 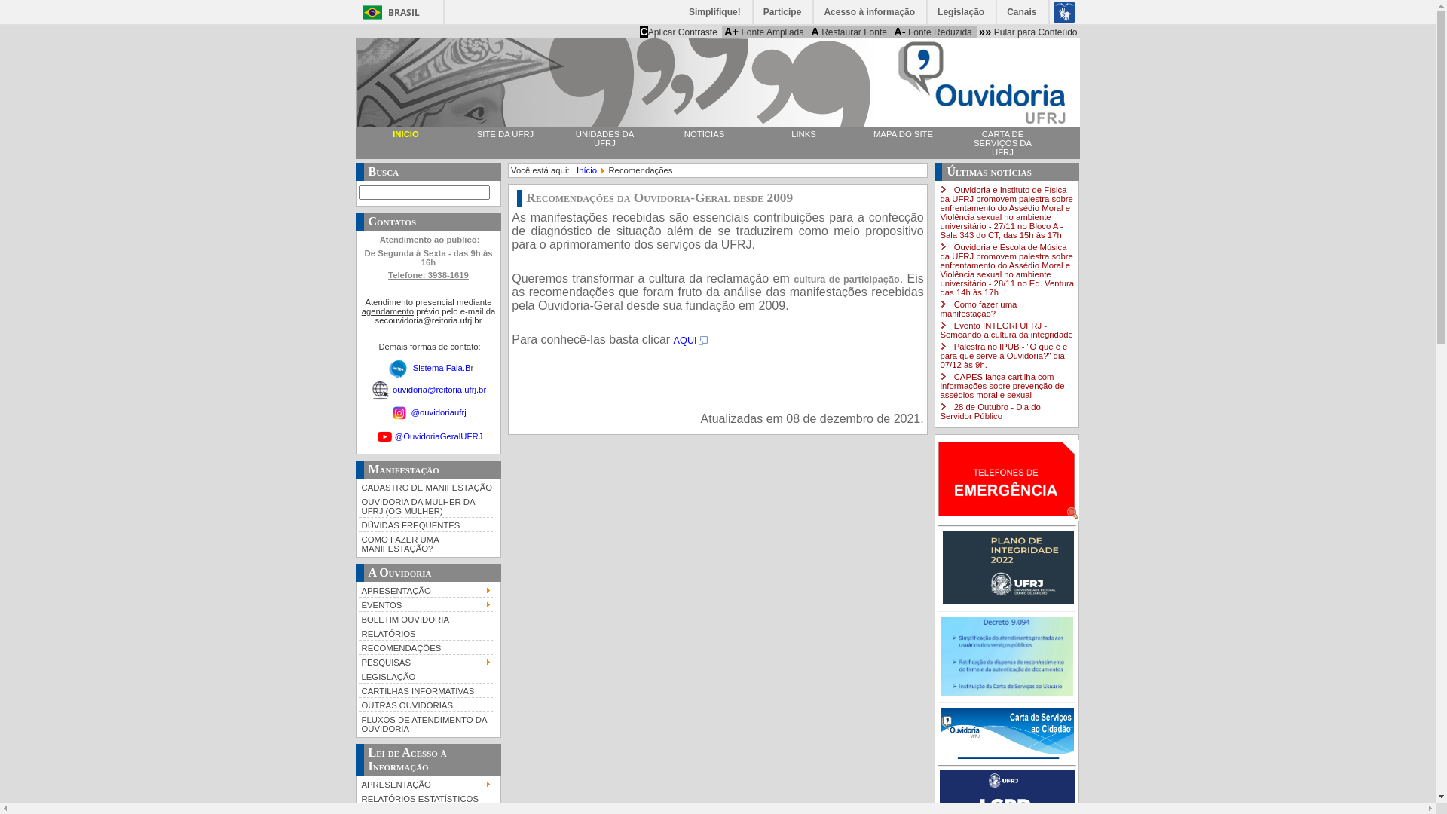 I want to click on 'BRASIL', so click(x=387, y=12).